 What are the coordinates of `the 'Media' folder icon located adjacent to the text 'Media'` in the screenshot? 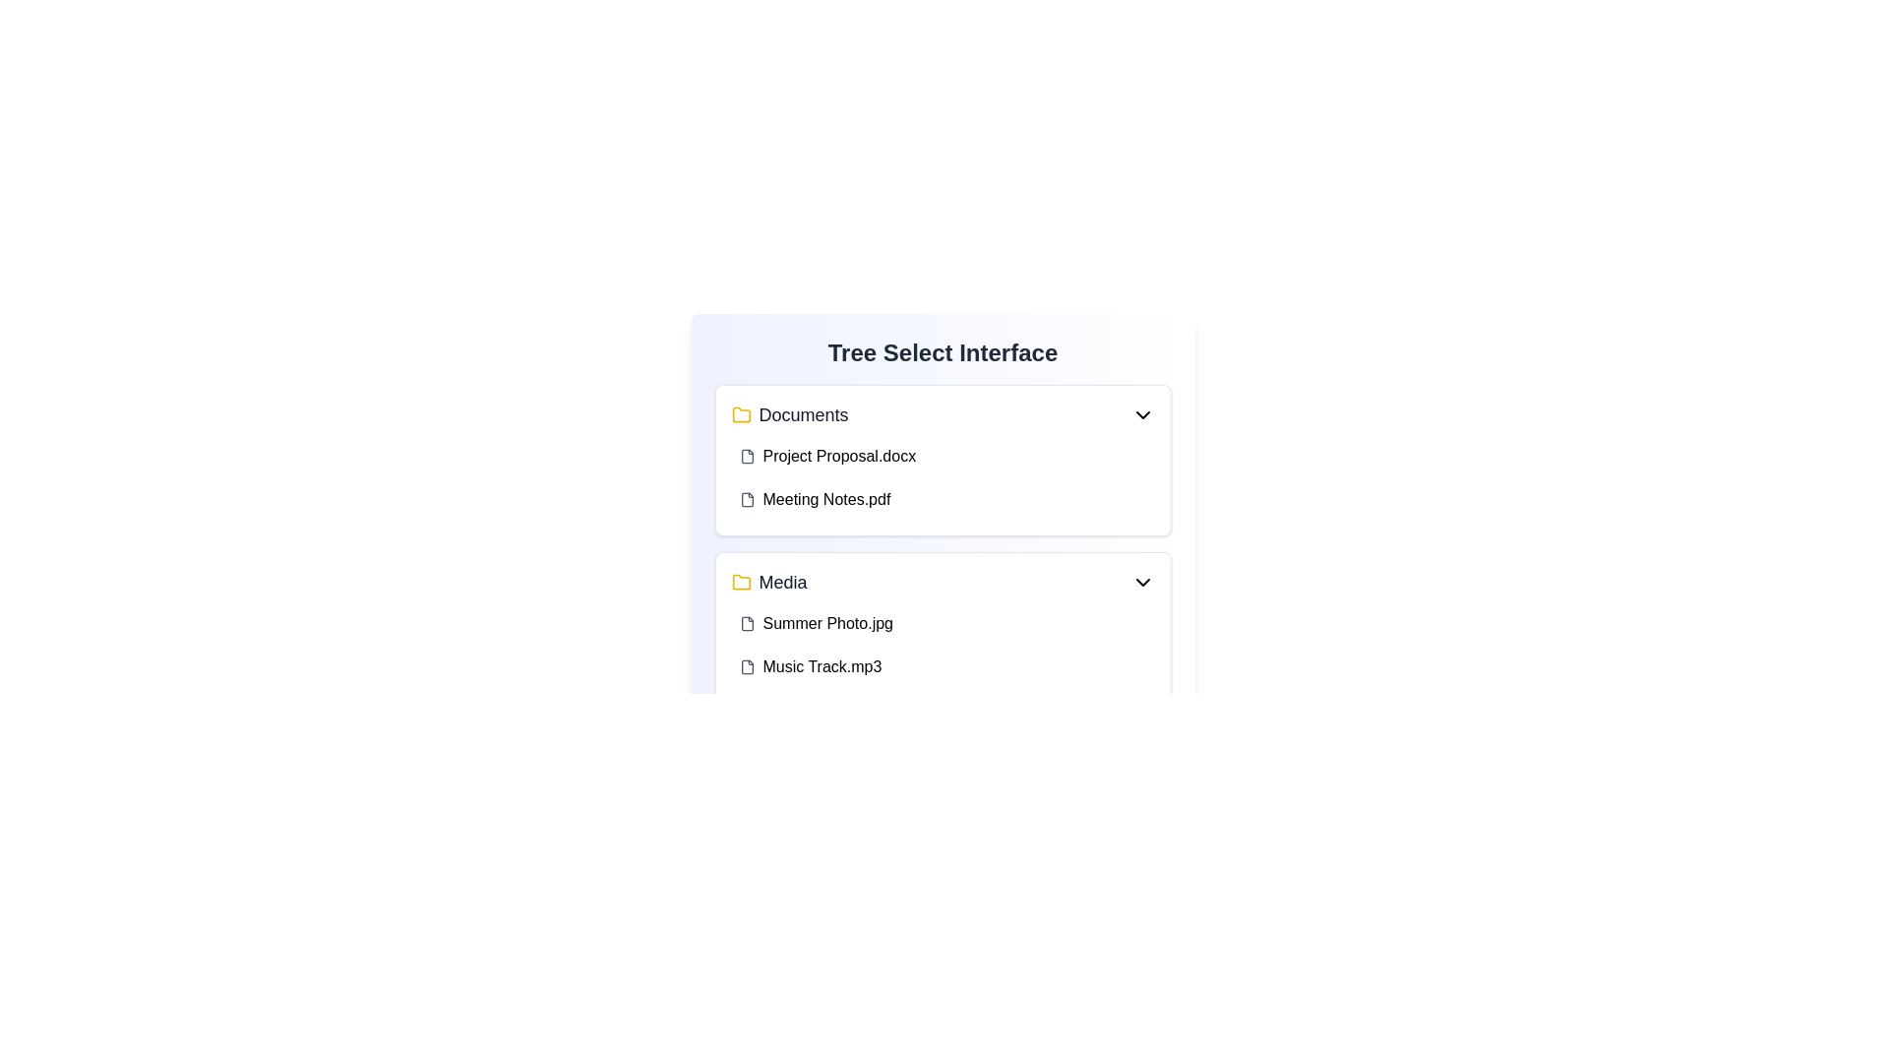 It's located at (740, 581).